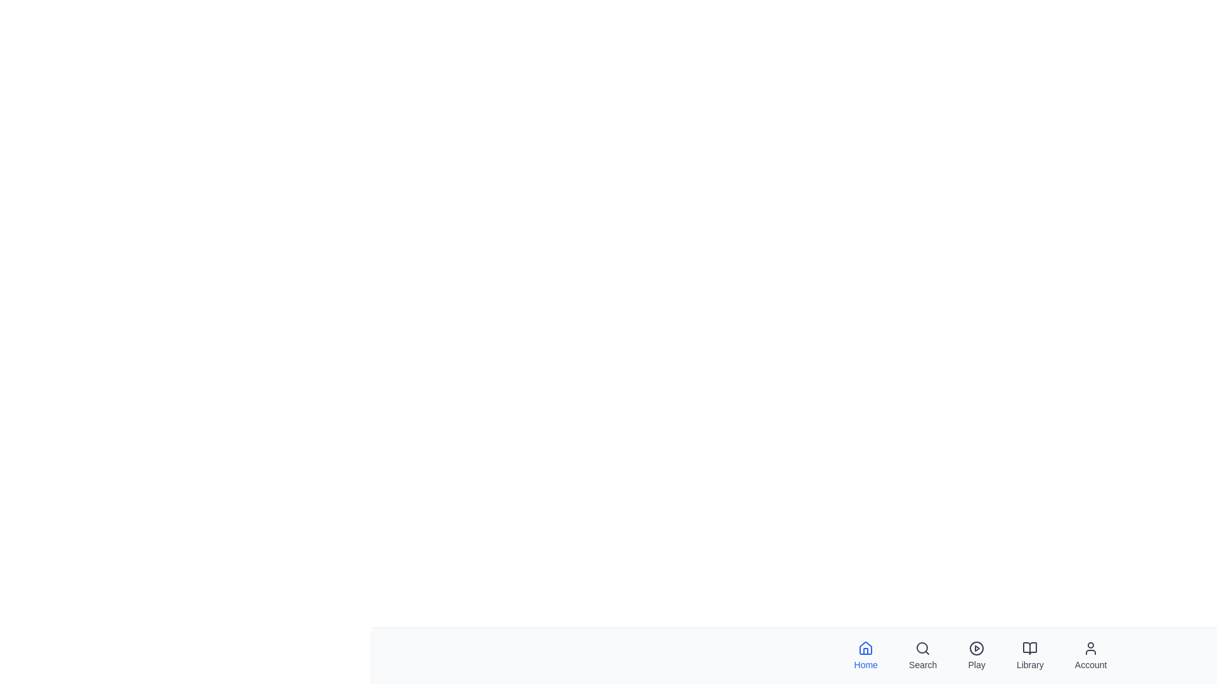  What do you see at coordinates (1090, 655) in the screenshot?
I see `the Account tab to observe its visual feedback` at bounding box center [1090, 655].